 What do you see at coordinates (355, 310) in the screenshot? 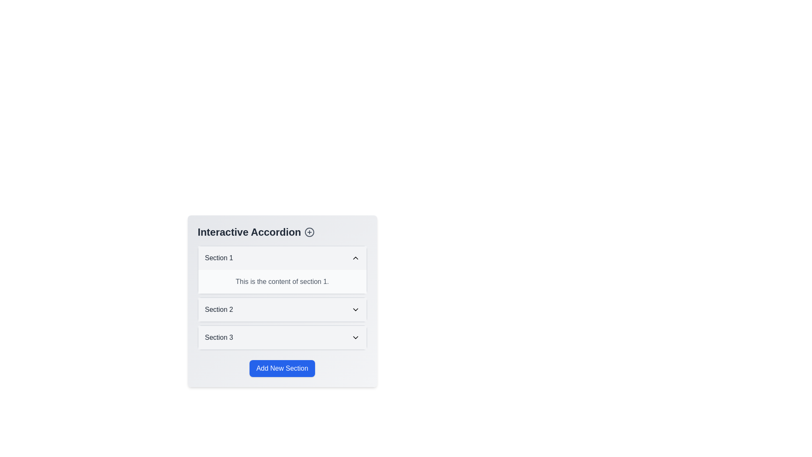
I see `the chevron icon button located at the far right of the 'Section 2' header in the accordion interface` at bounding box center [355, 310].